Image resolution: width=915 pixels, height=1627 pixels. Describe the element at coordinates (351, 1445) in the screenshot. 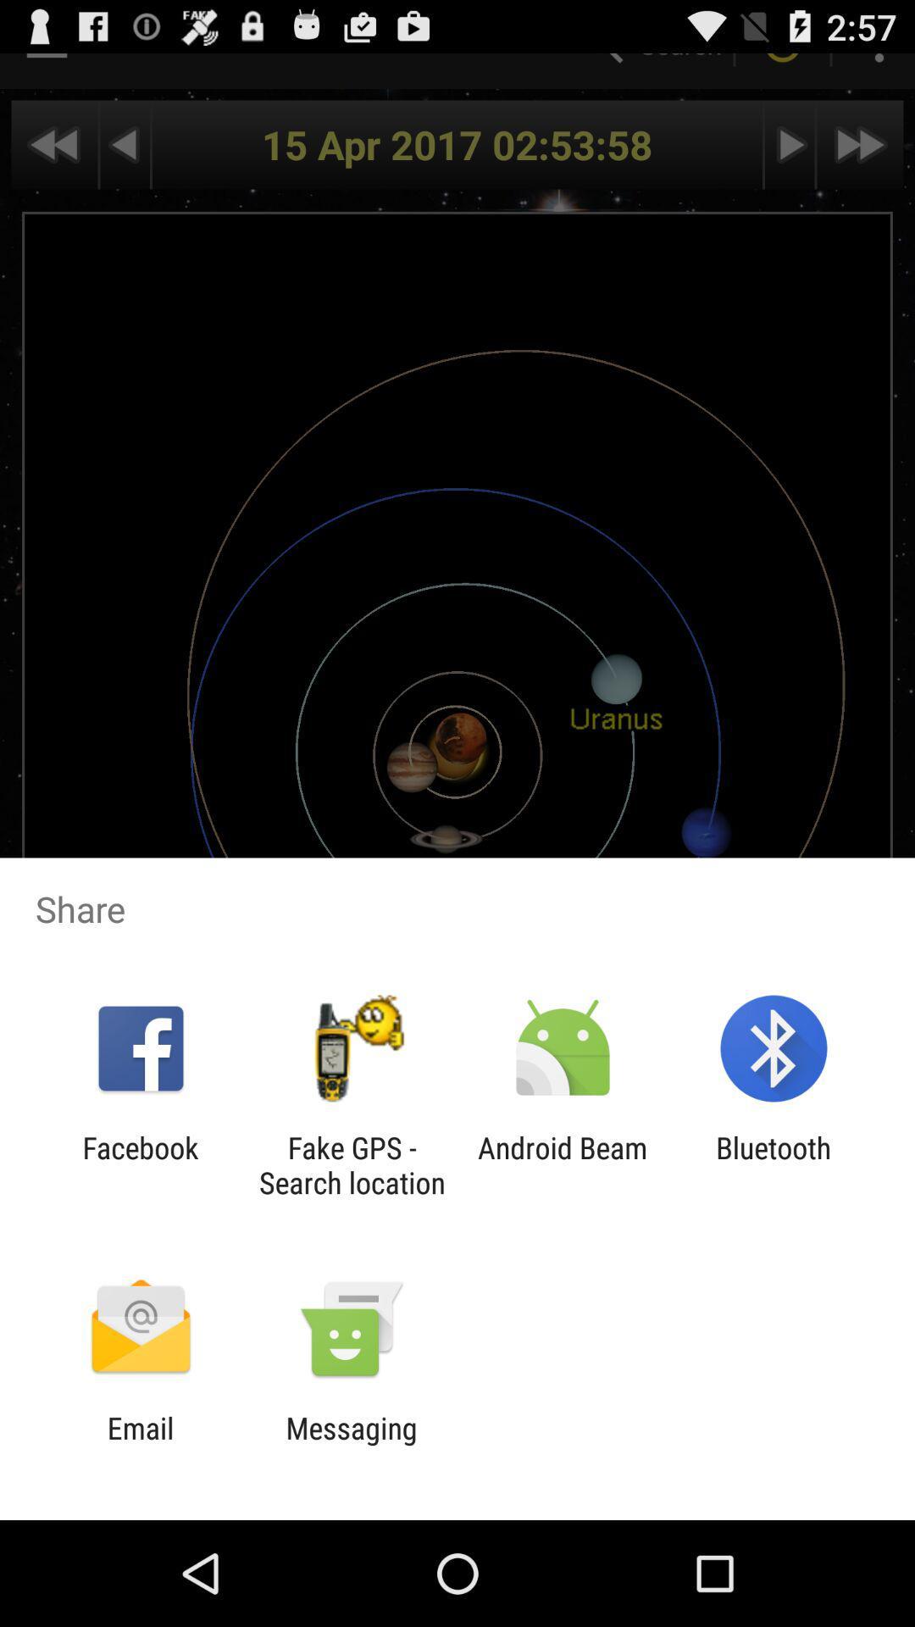

I see `item to the right of email` at that location.